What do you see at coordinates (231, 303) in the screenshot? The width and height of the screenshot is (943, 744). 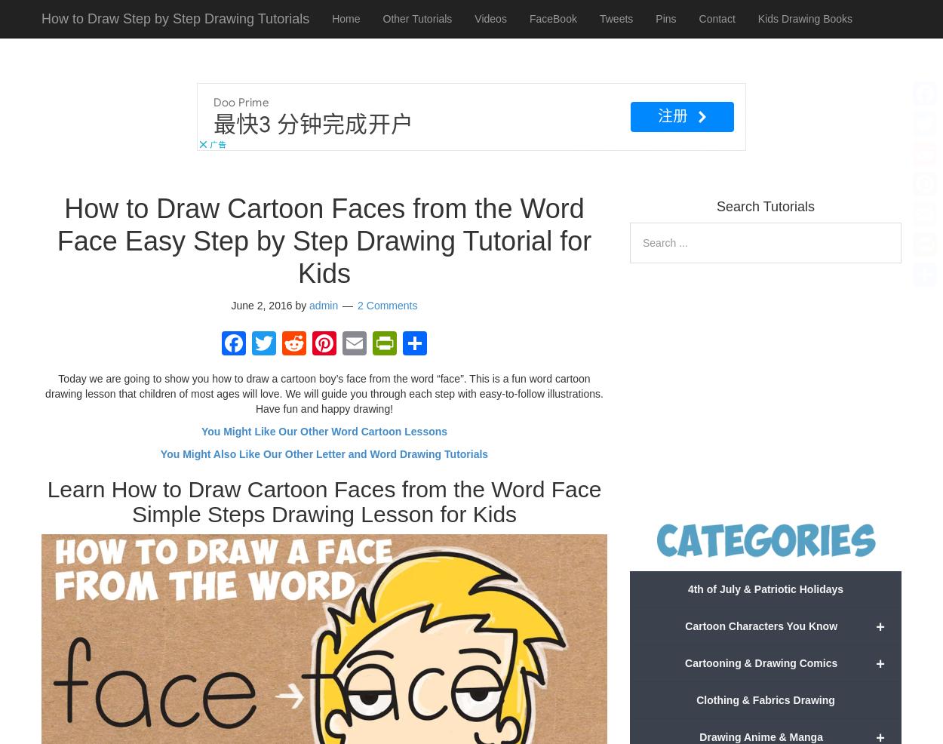 I see `'June 2, 2016'` at bounding box center [231, 303].